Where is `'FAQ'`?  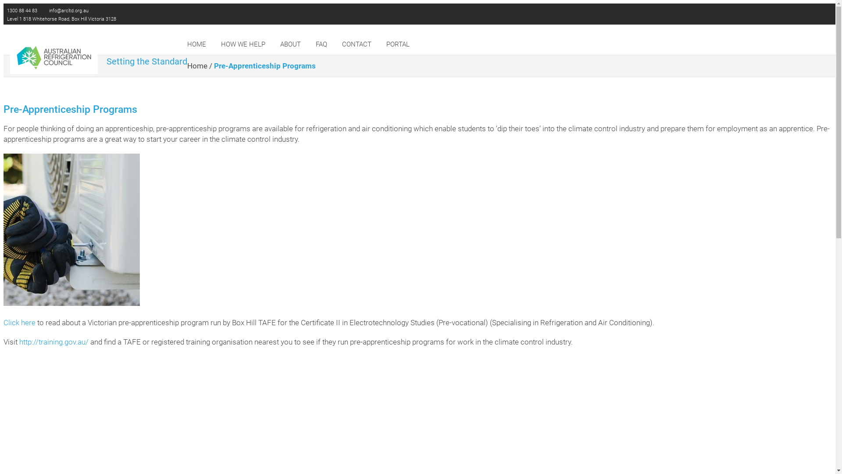 'FAQ' is located at coordinates (321, 44).